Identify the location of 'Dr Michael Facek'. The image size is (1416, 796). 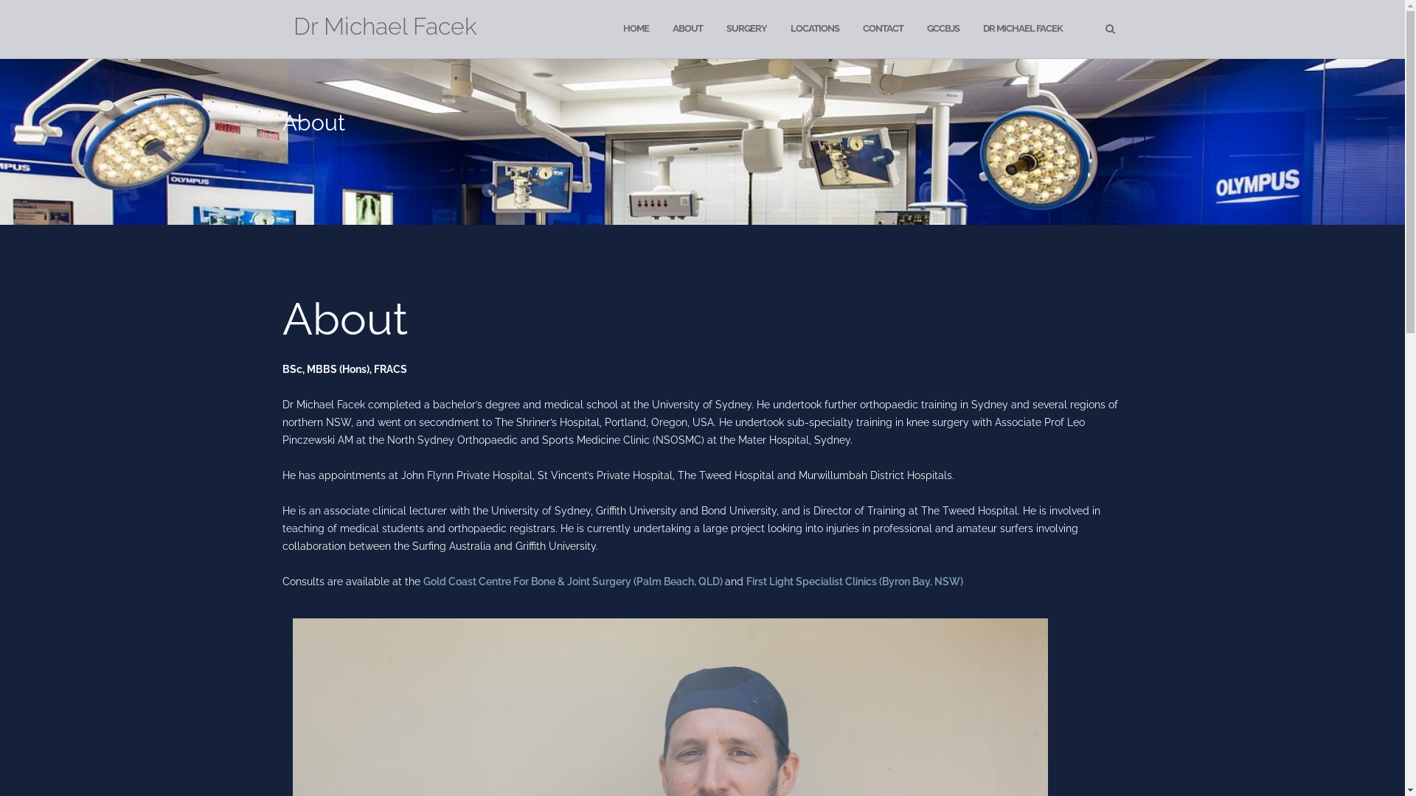
(294, 29).